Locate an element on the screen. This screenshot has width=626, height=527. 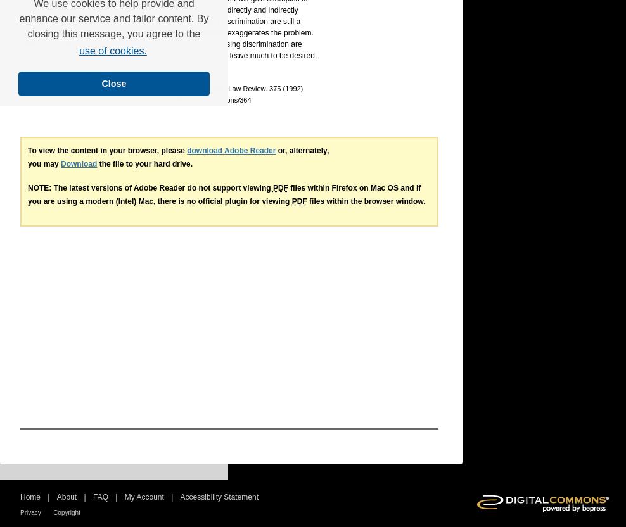
'Privacy' is located at coordinates (30, 511).